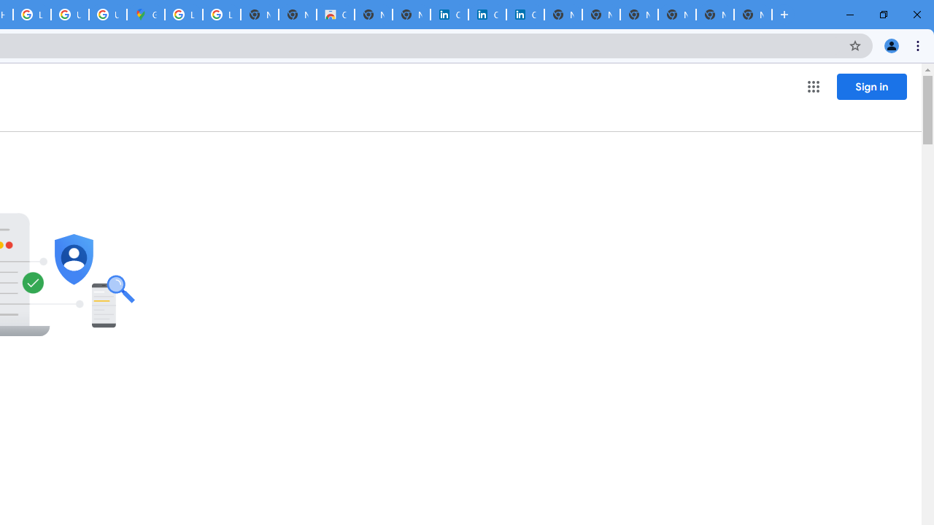 This screenshot has height=525, width=934. Describe the element at coordinates (335, 15) in the screenshot. I see `'Chrome Web Store'` at that location.